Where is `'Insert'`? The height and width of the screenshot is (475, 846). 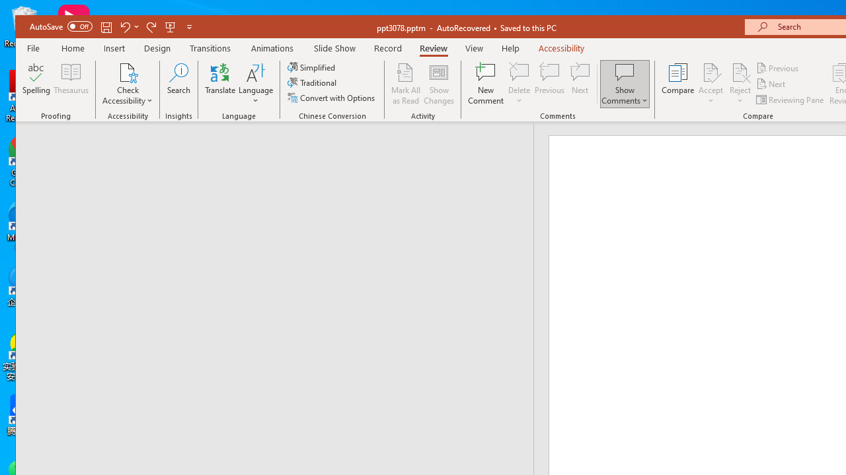
'Insert' is located at coordinates (114, 47).